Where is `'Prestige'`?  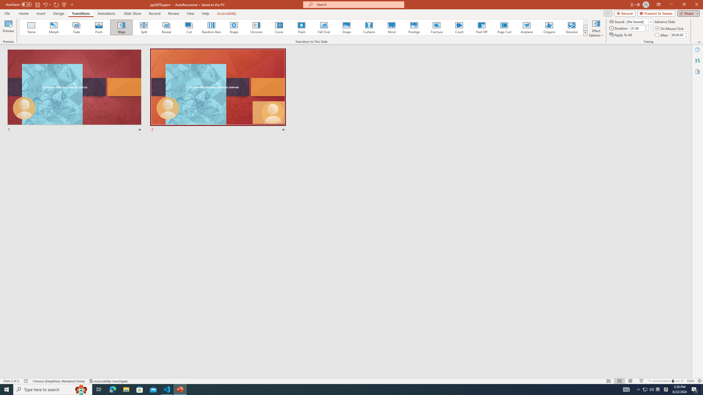 'Prestige' is located at coordinates (414, 27).